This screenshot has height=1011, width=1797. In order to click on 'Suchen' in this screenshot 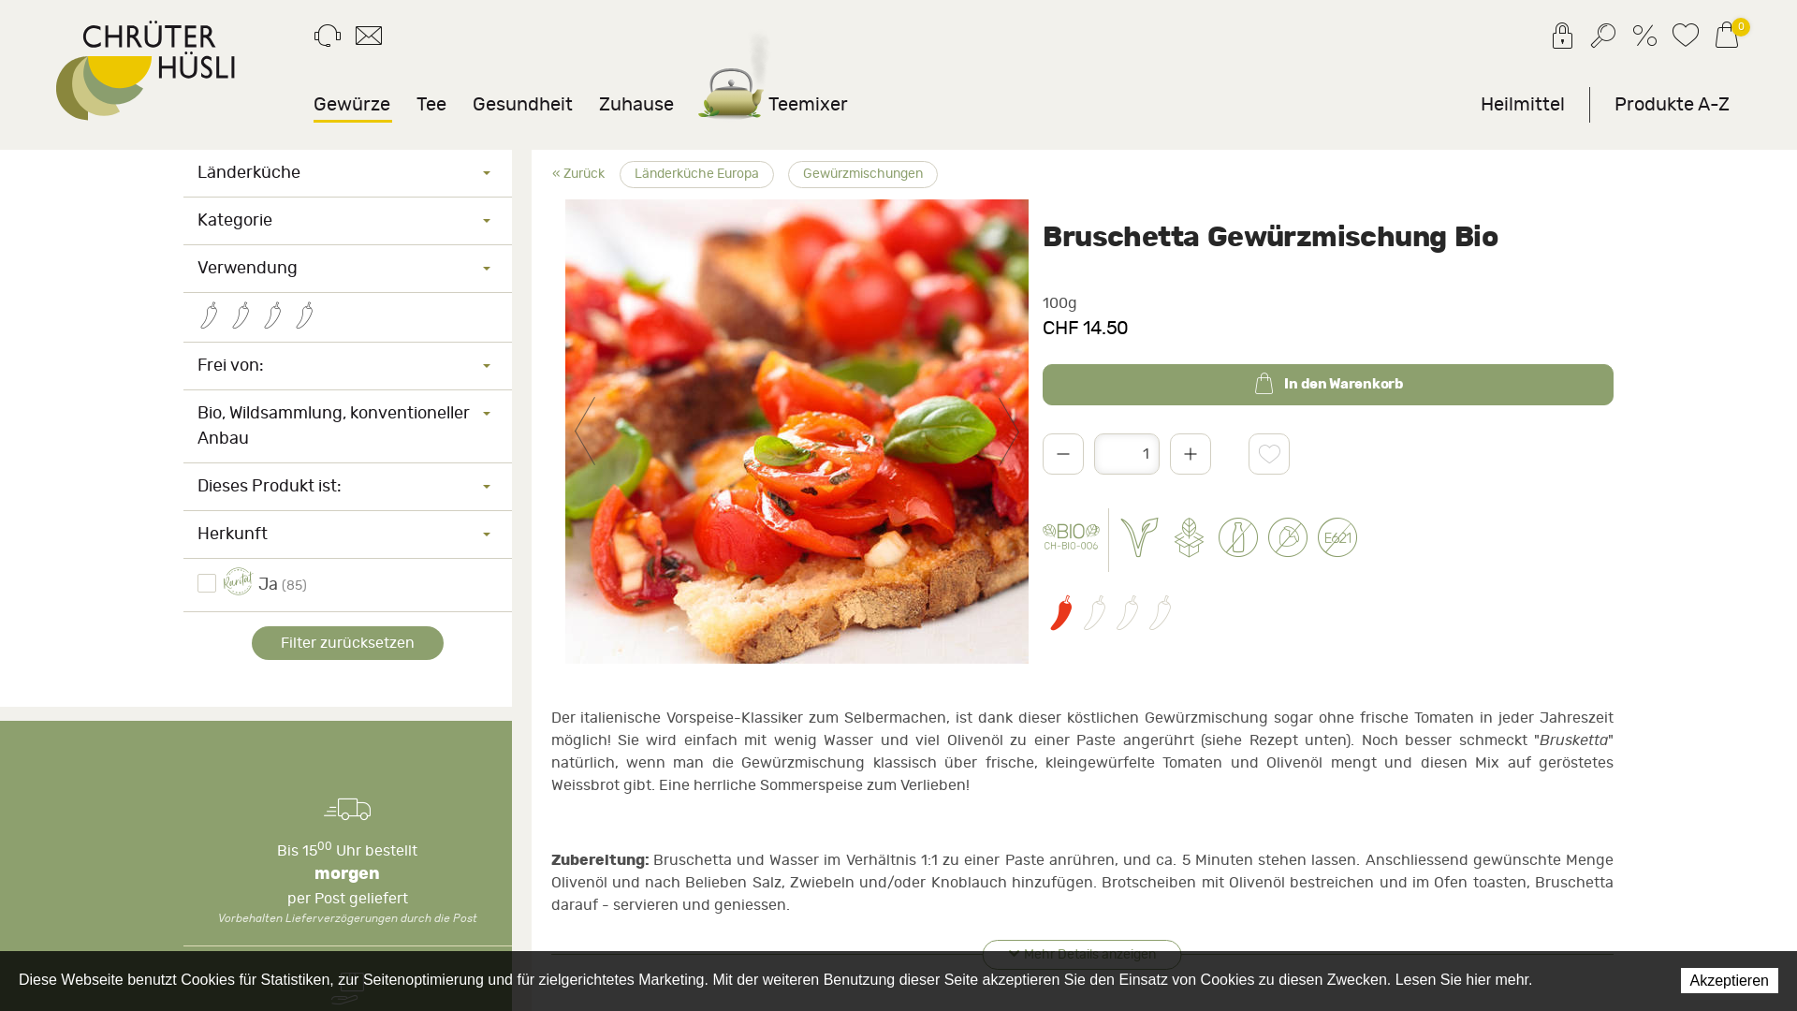, I will do `click(1602, 39)`.